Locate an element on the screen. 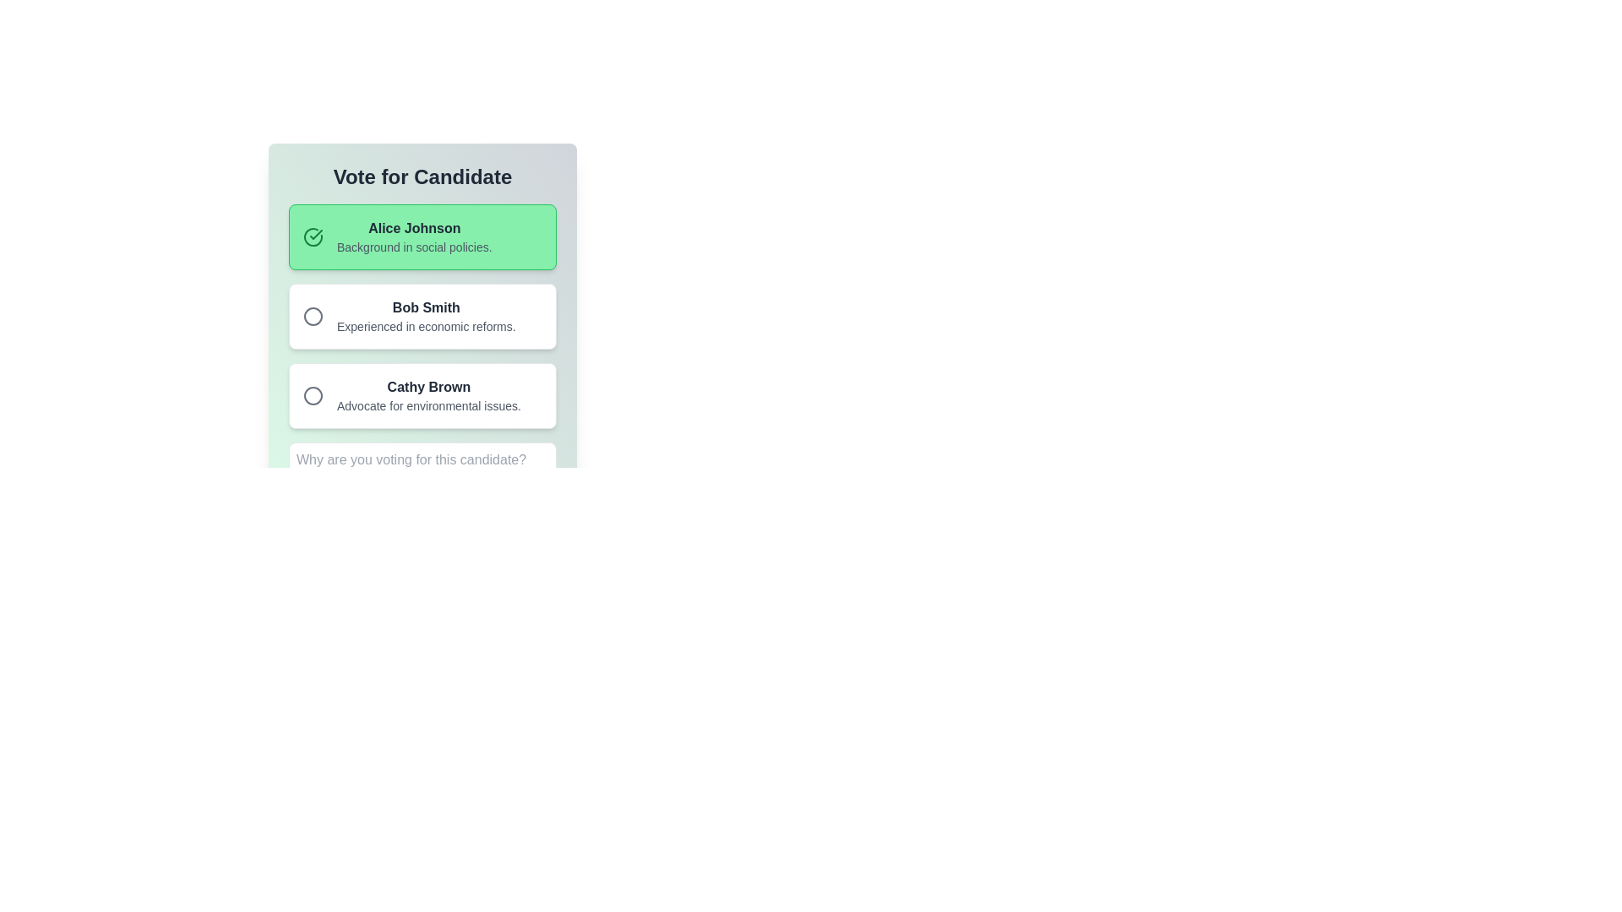 The width and height of the screenshot is (1622, 912). the second candidate's radio button card in the voting interface is located at coordinates (422, 295).